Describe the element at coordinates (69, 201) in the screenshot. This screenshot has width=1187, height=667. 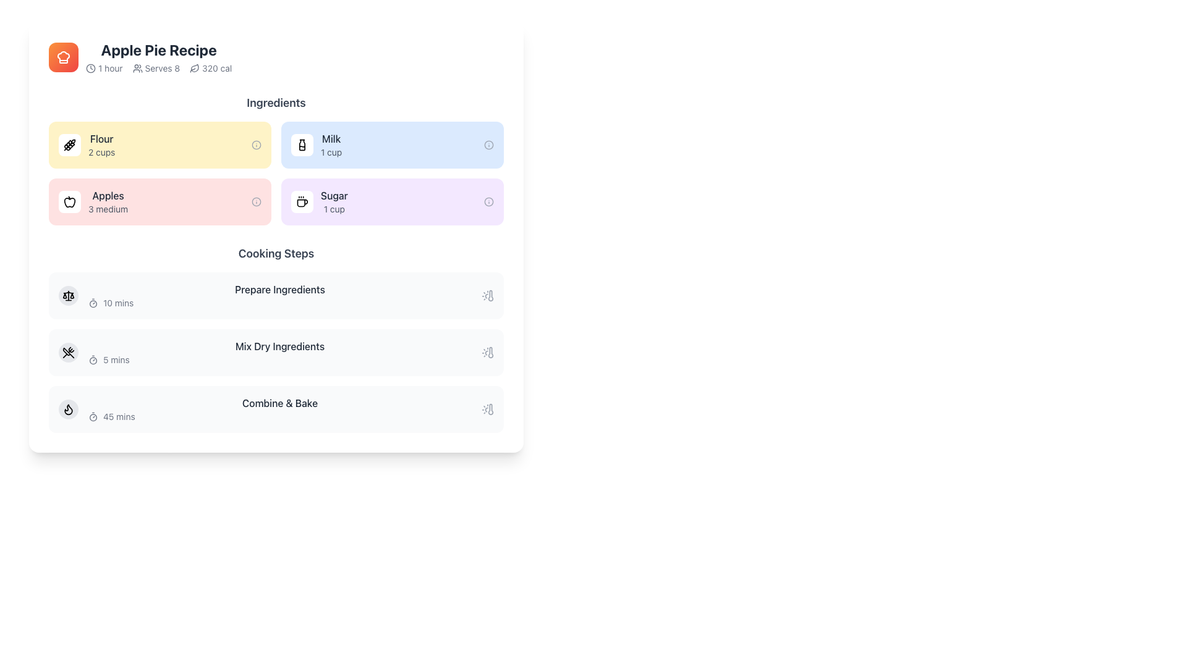
I see `the stylized apple icon located in the pink-colored 'Apples 3 medium' section under the 'Ingredients' heading in the recipe interface` at that location.